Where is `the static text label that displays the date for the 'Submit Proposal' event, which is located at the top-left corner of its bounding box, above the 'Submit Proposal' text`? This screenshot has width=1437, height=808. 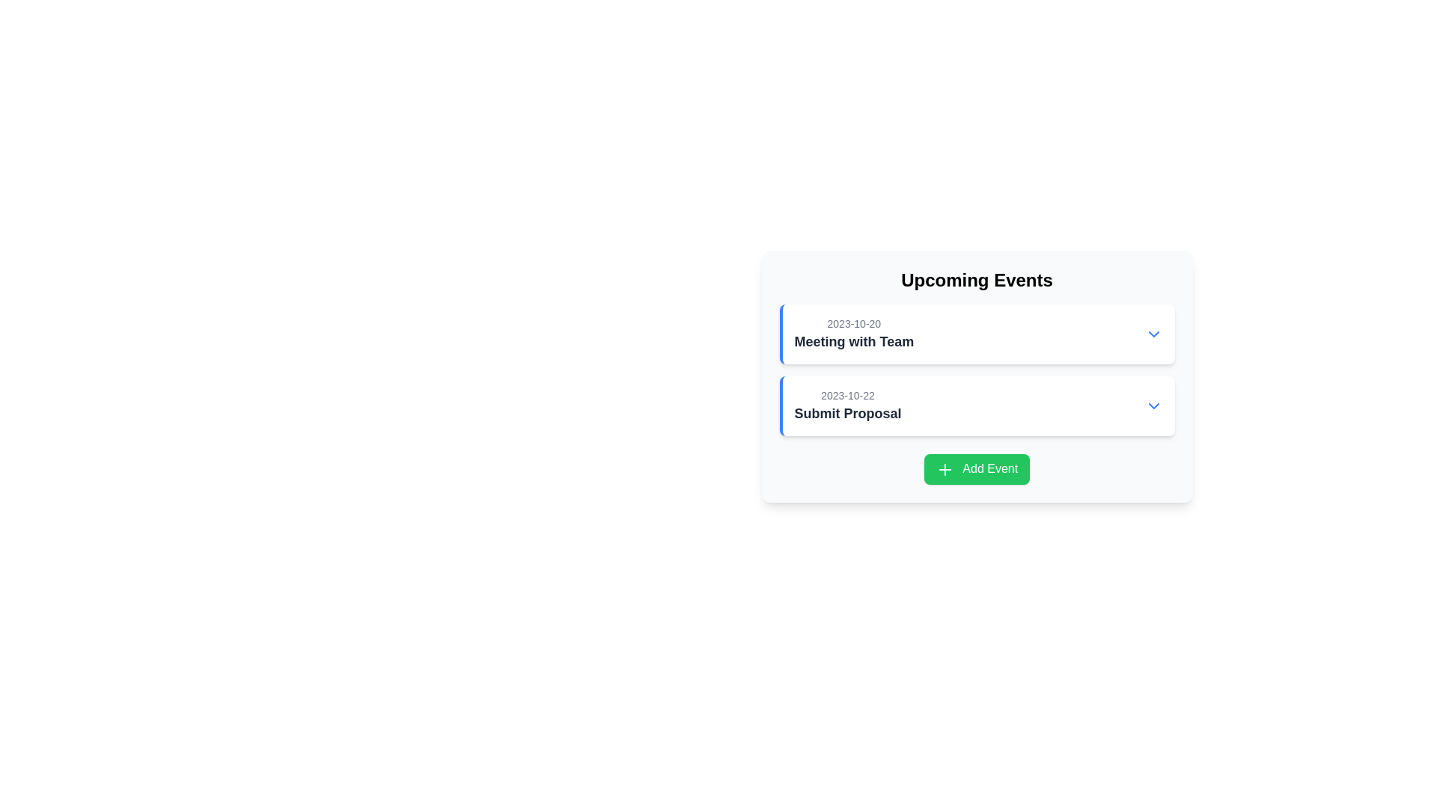
the static text label that displays the date for the 'Submit Proposal' event, which is located at the top-left corner of its bounding box, above the 'Submit Proposal' text is located at coordinates (847, 394).